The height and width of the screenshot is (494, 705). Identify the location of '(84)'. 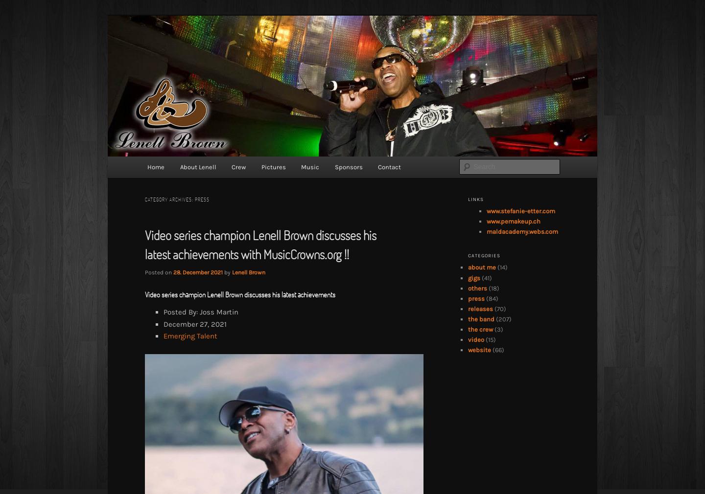
(491, 297).